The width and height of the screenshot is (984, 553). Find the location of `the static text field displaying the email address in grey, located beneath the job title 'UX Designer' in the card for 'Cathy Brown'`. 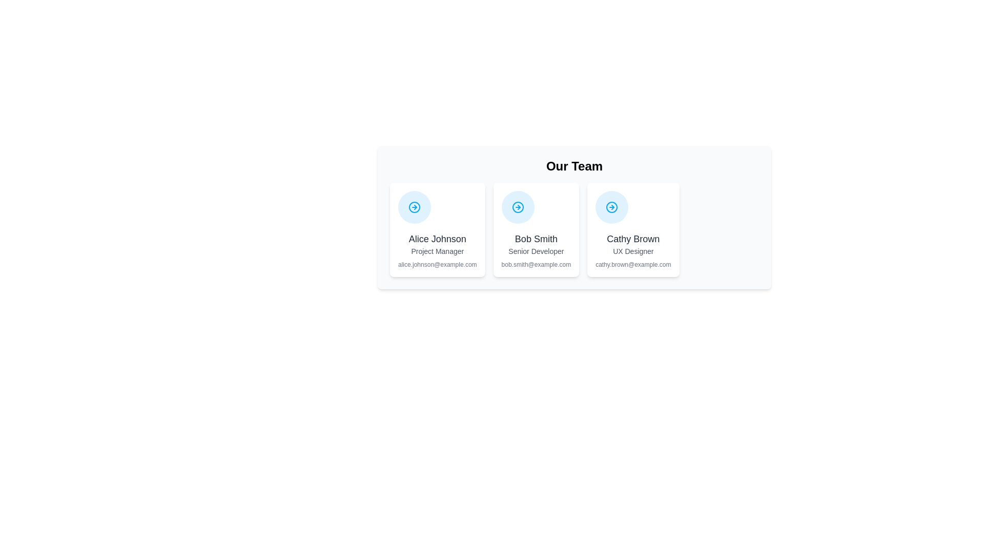

the static text field displaying the email address in grey, located beneath the job title 'UX Designer' in the card for 'Cathy Brown' is located at coordinates (632, 264).